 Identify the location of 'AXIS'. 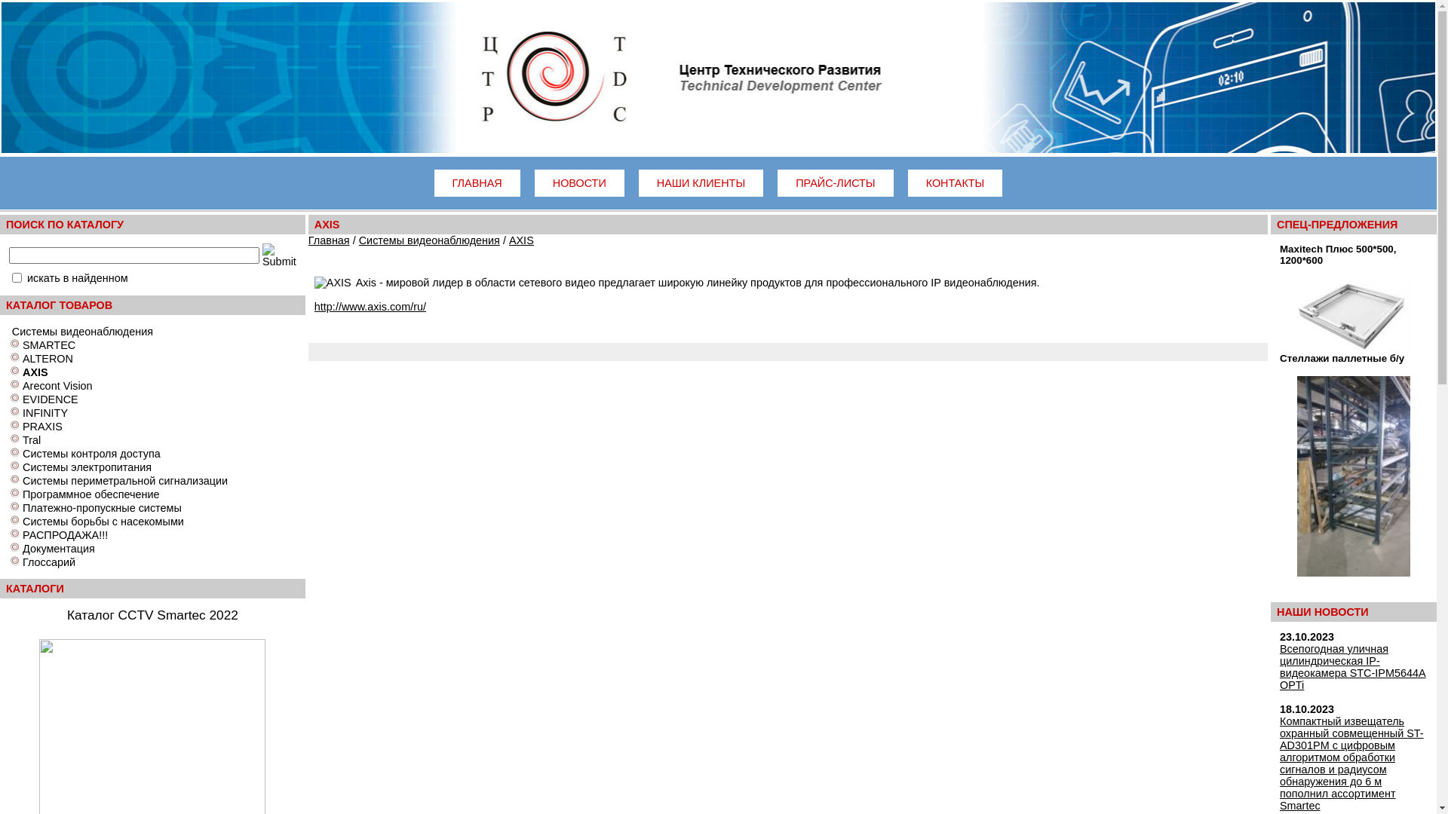
(521, 240).